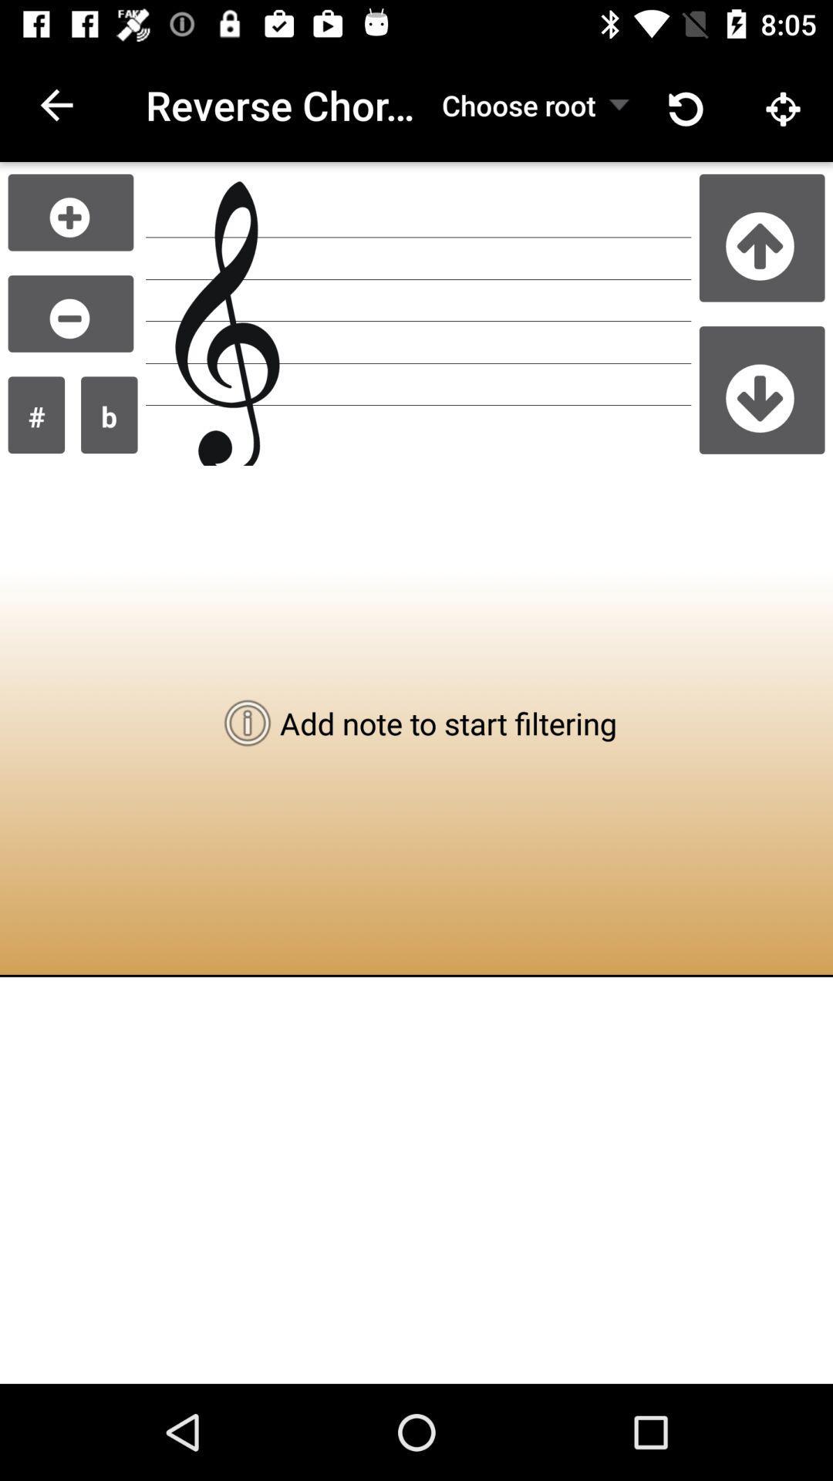  I want to click on make the music note flat, so click(108, 415).